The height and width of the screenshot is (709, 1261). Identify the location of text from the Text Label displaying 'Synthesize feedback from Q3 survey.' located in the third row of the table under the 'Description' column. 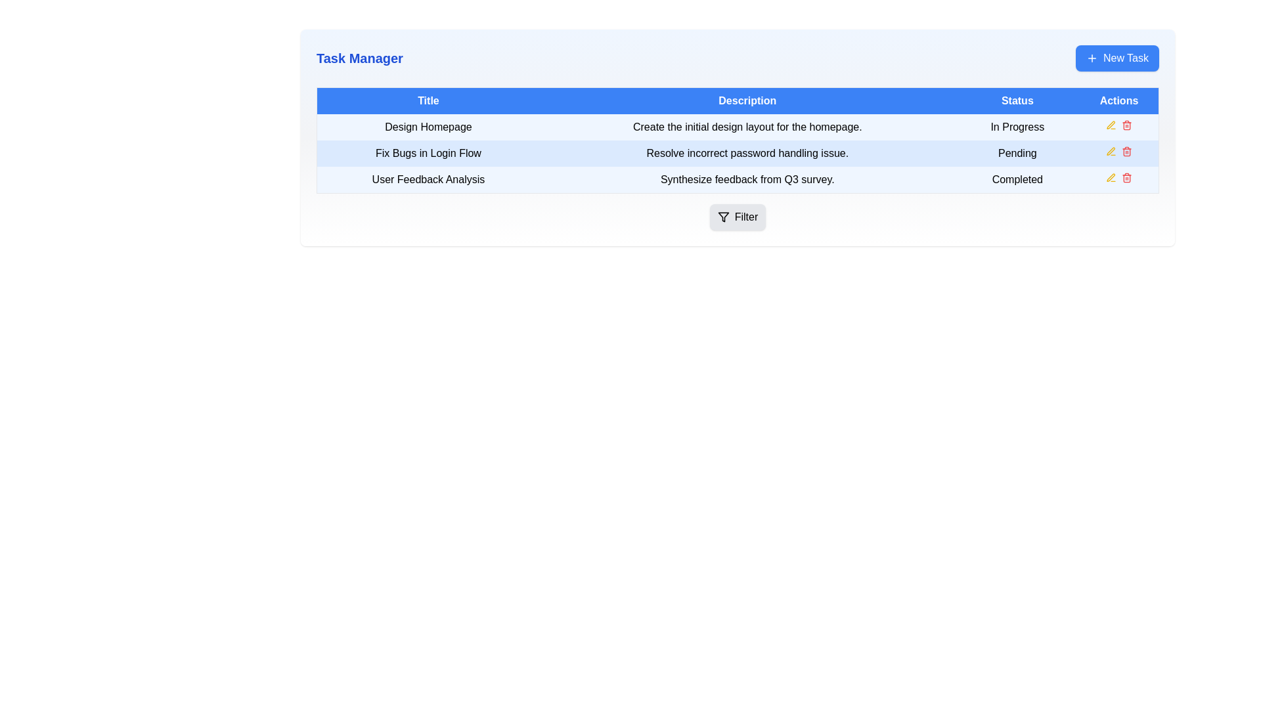
(747, 180).